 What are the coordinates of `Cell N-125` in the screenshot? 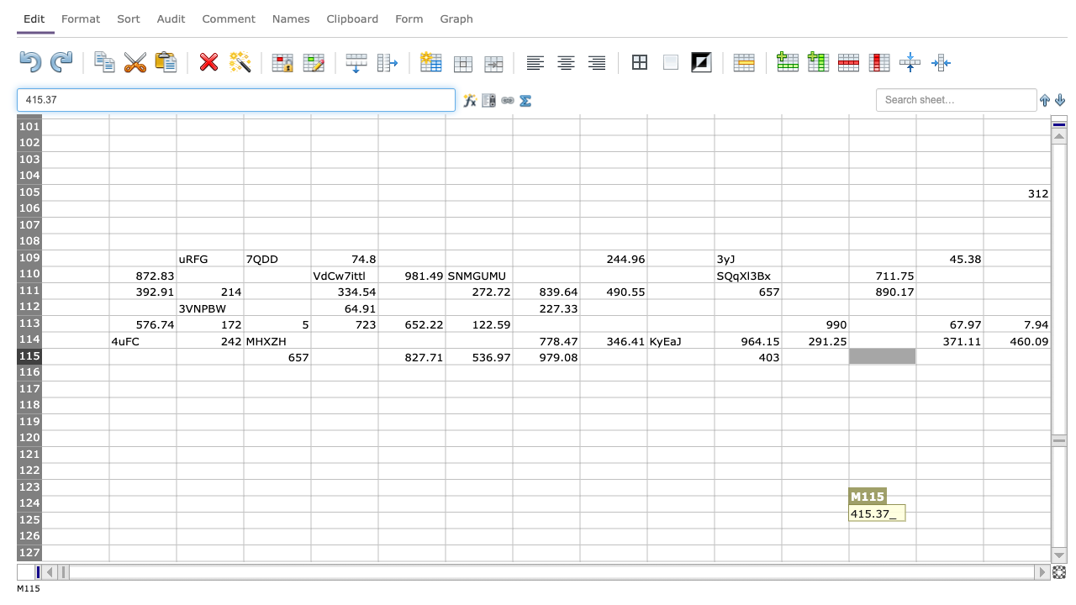 It's located at (949, 519).